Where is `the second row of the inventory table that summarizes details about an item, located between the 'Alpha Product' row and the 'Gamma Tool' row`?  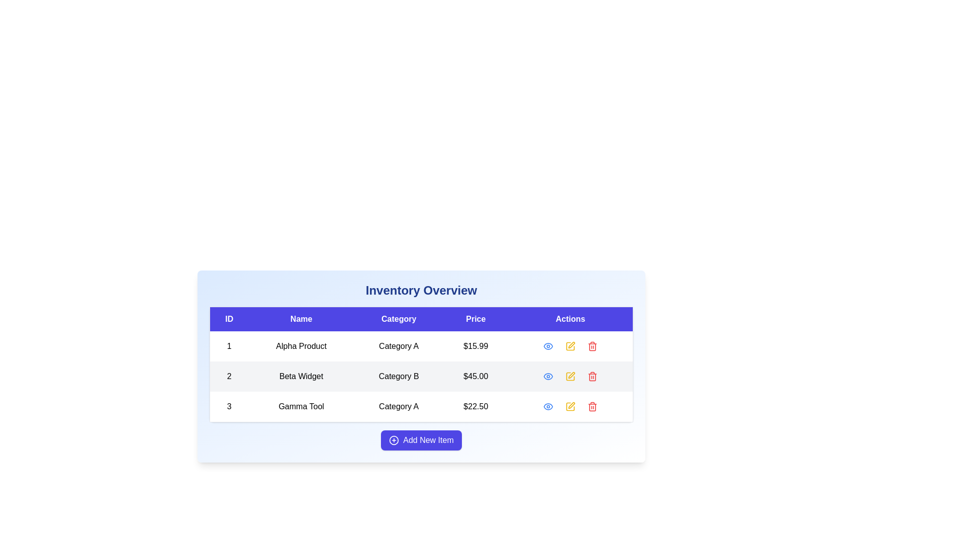
the second row of the inventory table that summarizes details about an item, located between the 'Alpha Product' row and the 'Gamma Tool' row is located at coordinates (421, 376).